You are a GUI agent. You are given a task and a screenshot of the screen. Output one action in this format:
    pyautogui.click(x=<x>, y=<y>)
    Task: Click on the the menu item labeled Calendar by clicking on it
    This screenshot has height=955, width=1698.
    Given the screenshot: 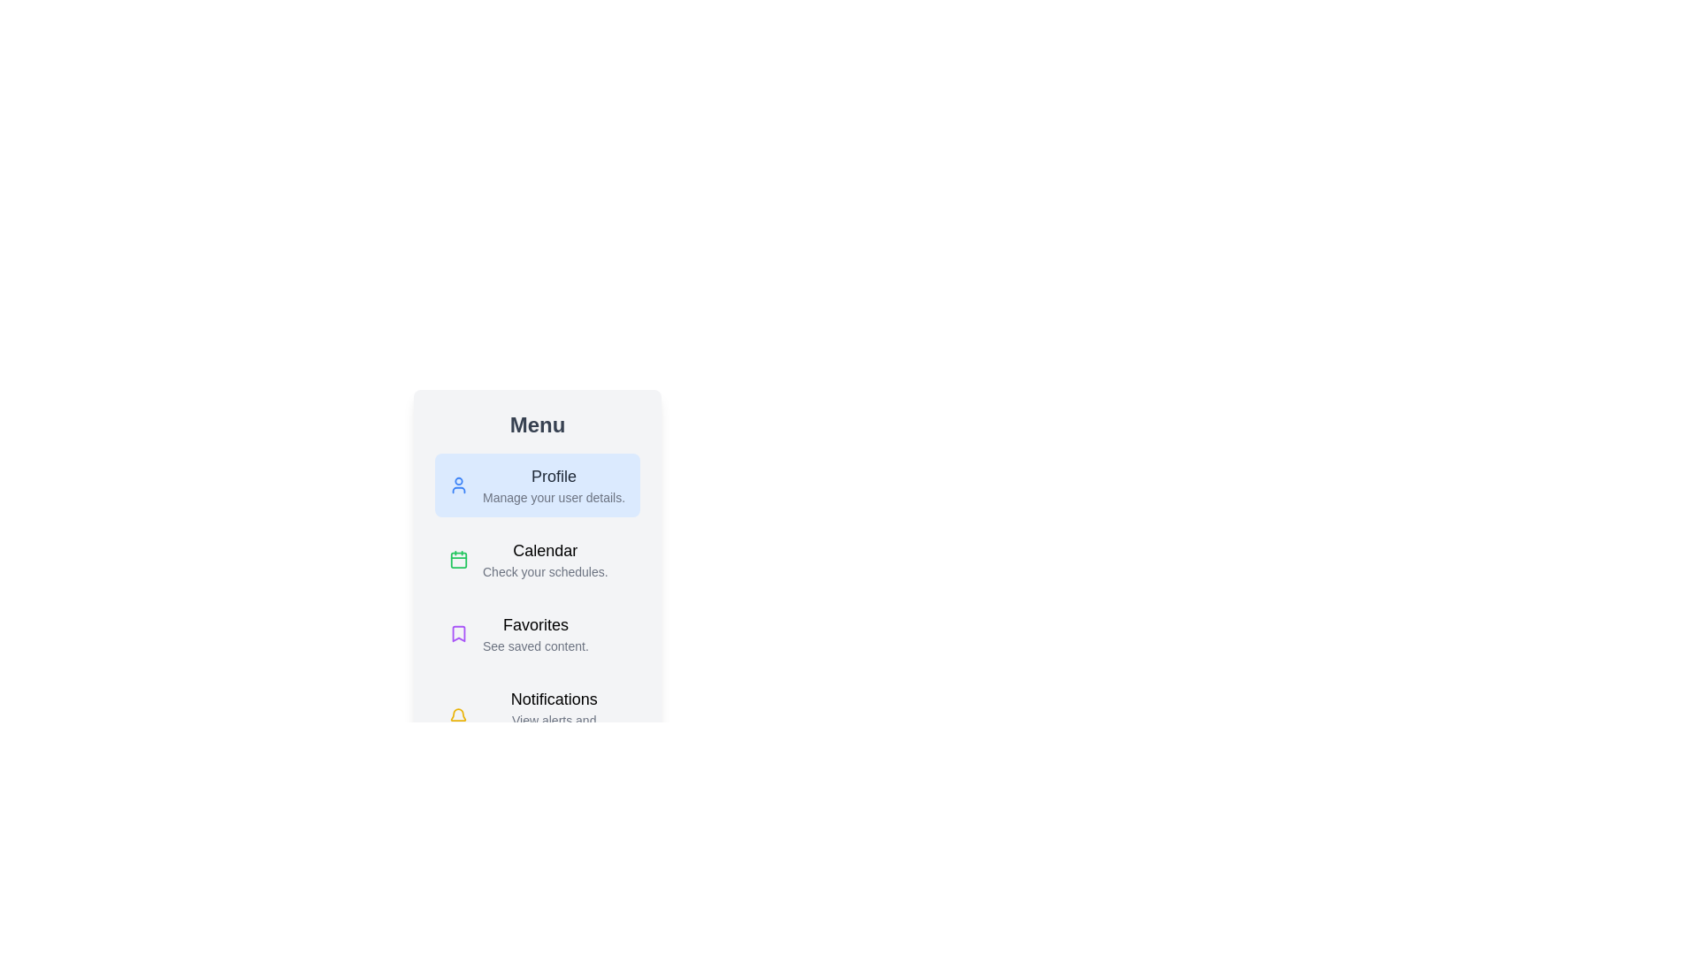 What is the action you would take?
    pyautogui.click(x=537, y=559)
    